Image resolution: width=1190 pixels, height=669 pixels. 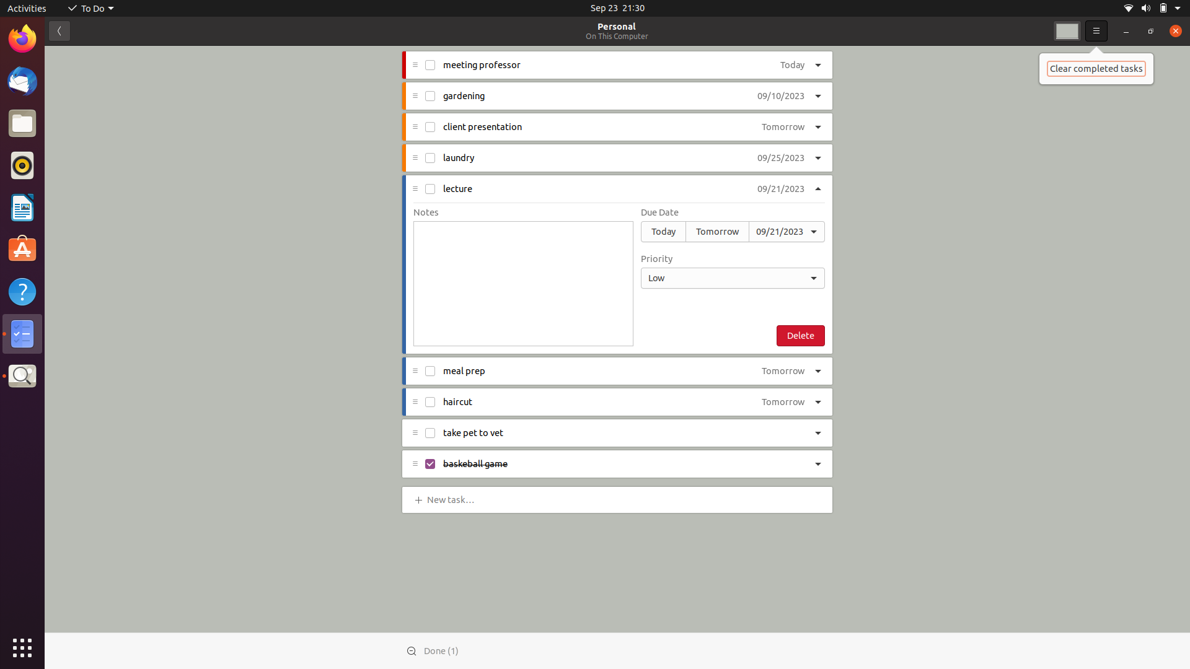 What do you see at coordinates (780, 96) in the screenshot?
I see `"gardening" date to next week` at bounding box center [780, 96].